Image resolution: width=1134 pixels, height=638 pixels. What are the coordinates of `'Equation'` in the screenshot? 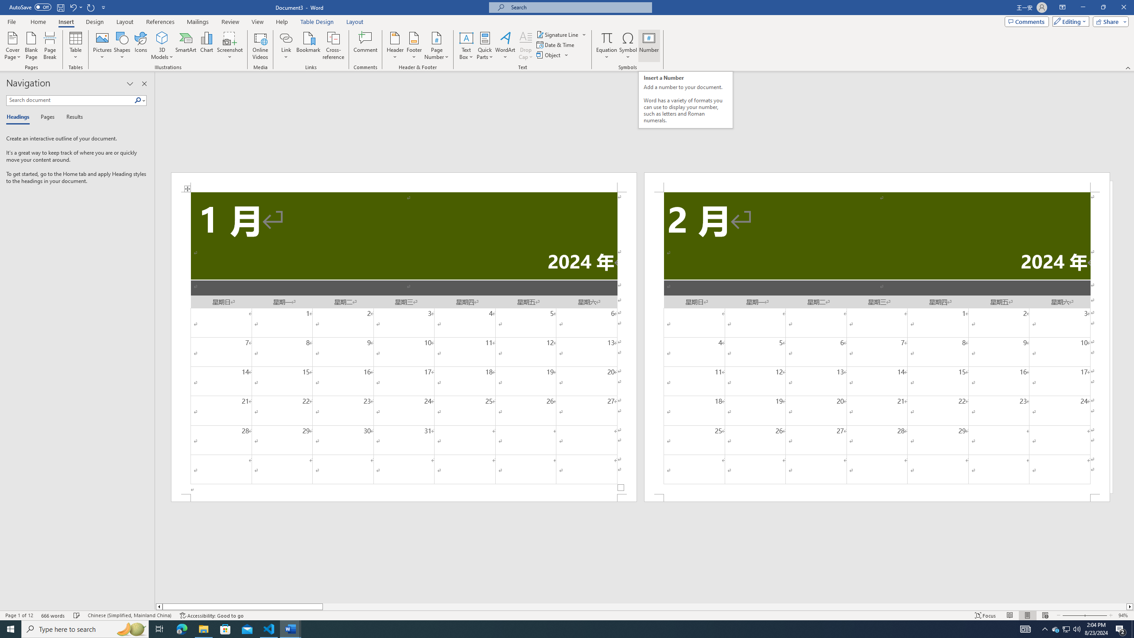 It's located at (606, 37).